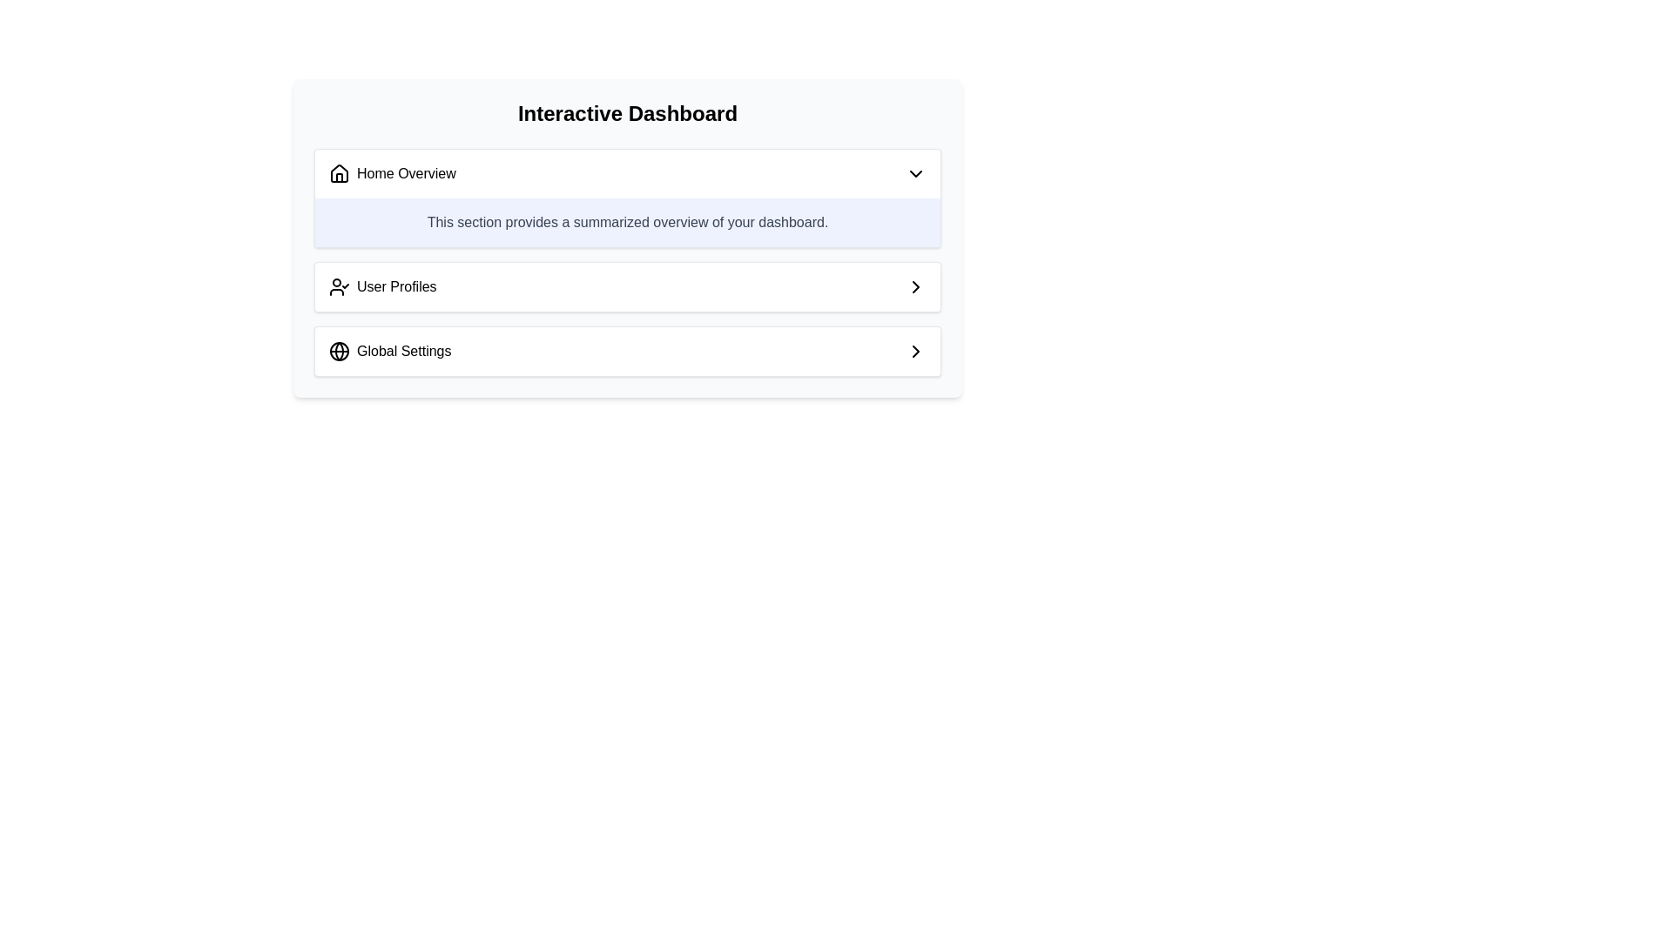 This screenshot has height=940, width=1672. What do you see at coordinates (627, 286) in the screenshot?
I see `the navigational button for 'User Profiles' located in the middle section of the dashboard` at bounding box center [627, 286].